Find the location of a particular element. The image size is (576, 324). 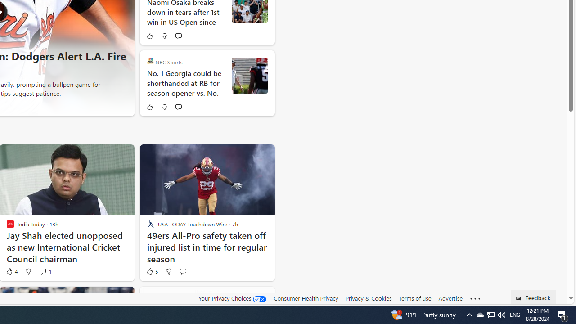

'Start the conversation' is located at coordinates (182, 270).